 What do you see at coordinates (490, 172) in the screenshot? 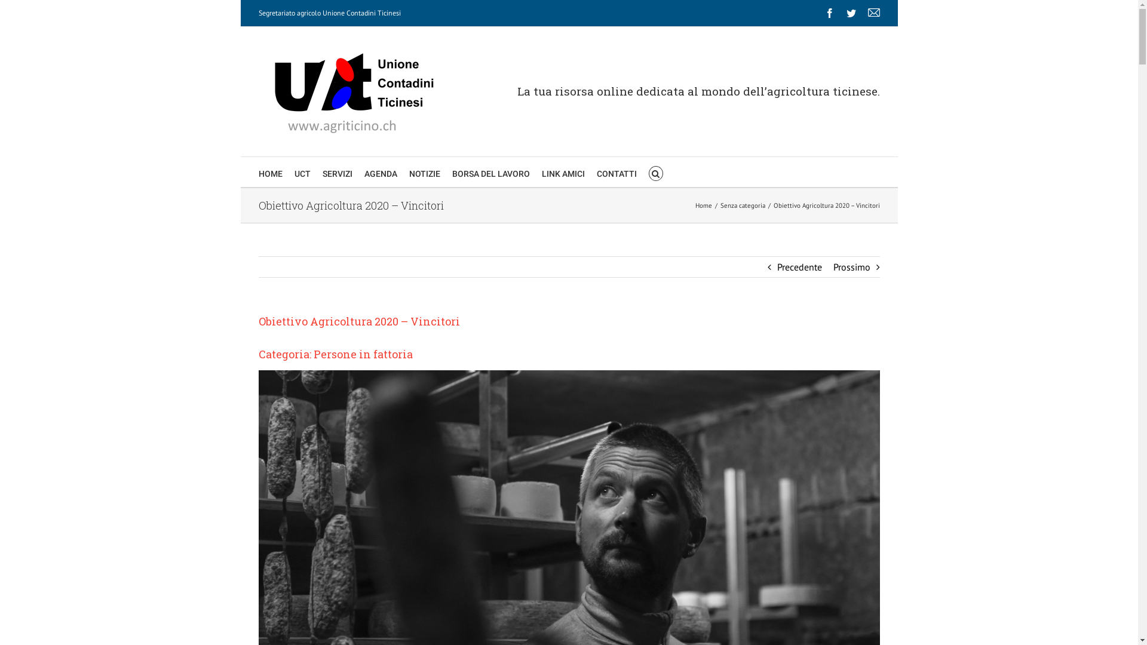
I see `'BORSA DEL LAVORO'` at bounding box center [490, 172].